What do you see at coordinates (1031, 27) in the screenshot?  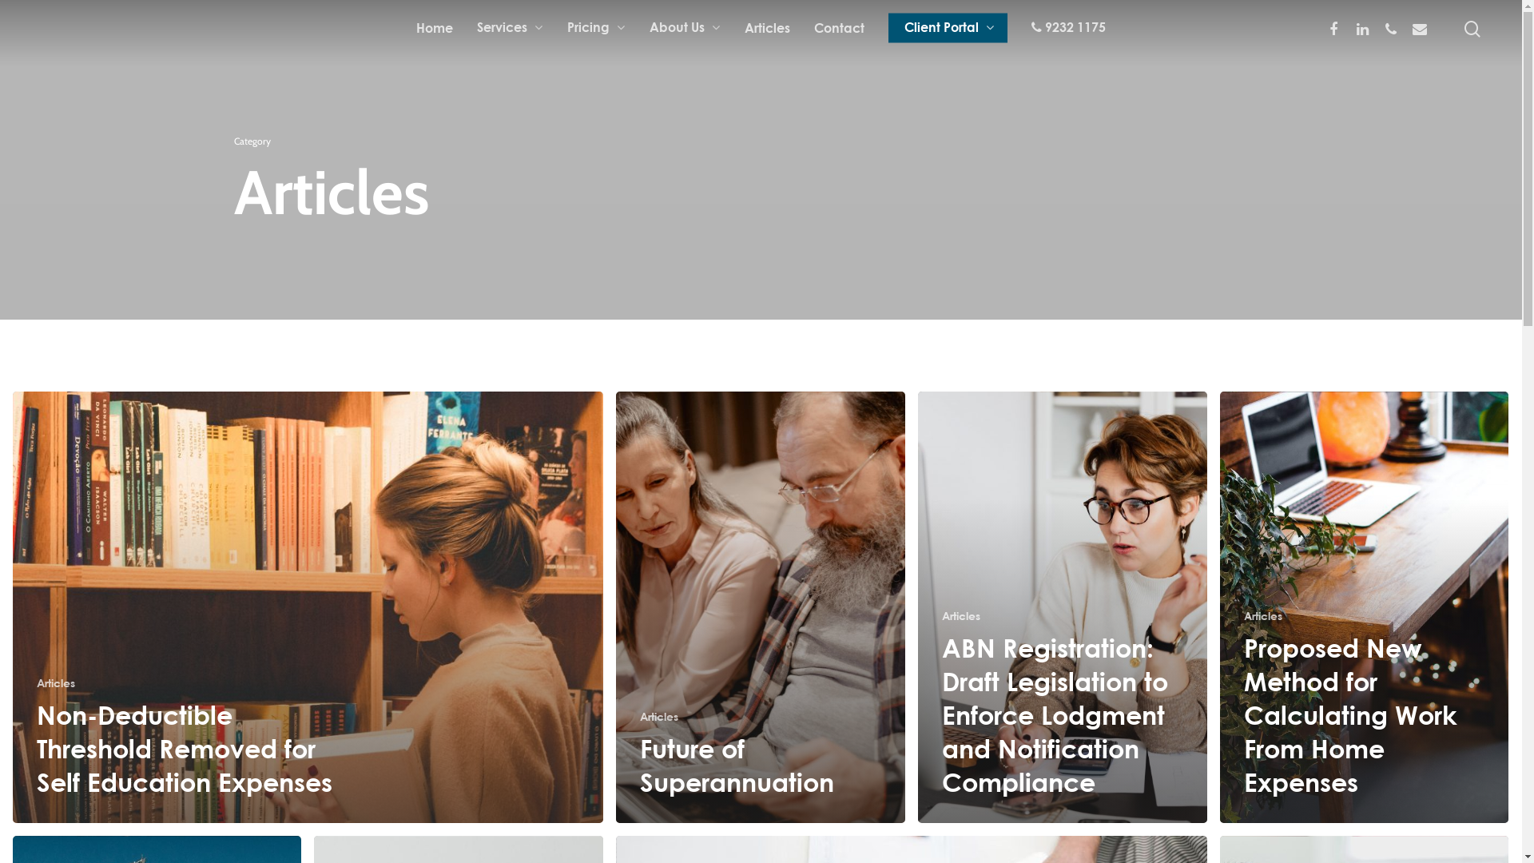 I see `'9232 1175'` at bounding box center [1031, 27].